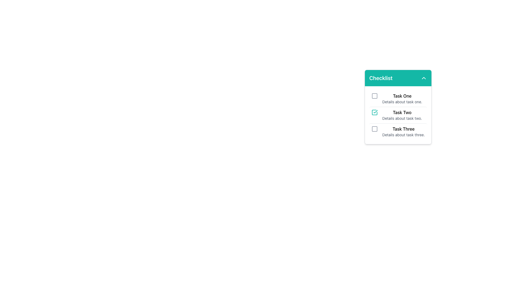 The height and width of the screenshot is (292, 519). What do you see at coordinates (375, 111) in the screenshot?
I see `the teal checkmark icon representing a completed state in the checklist for 'Task Two'` at bounding box center [375, 111].